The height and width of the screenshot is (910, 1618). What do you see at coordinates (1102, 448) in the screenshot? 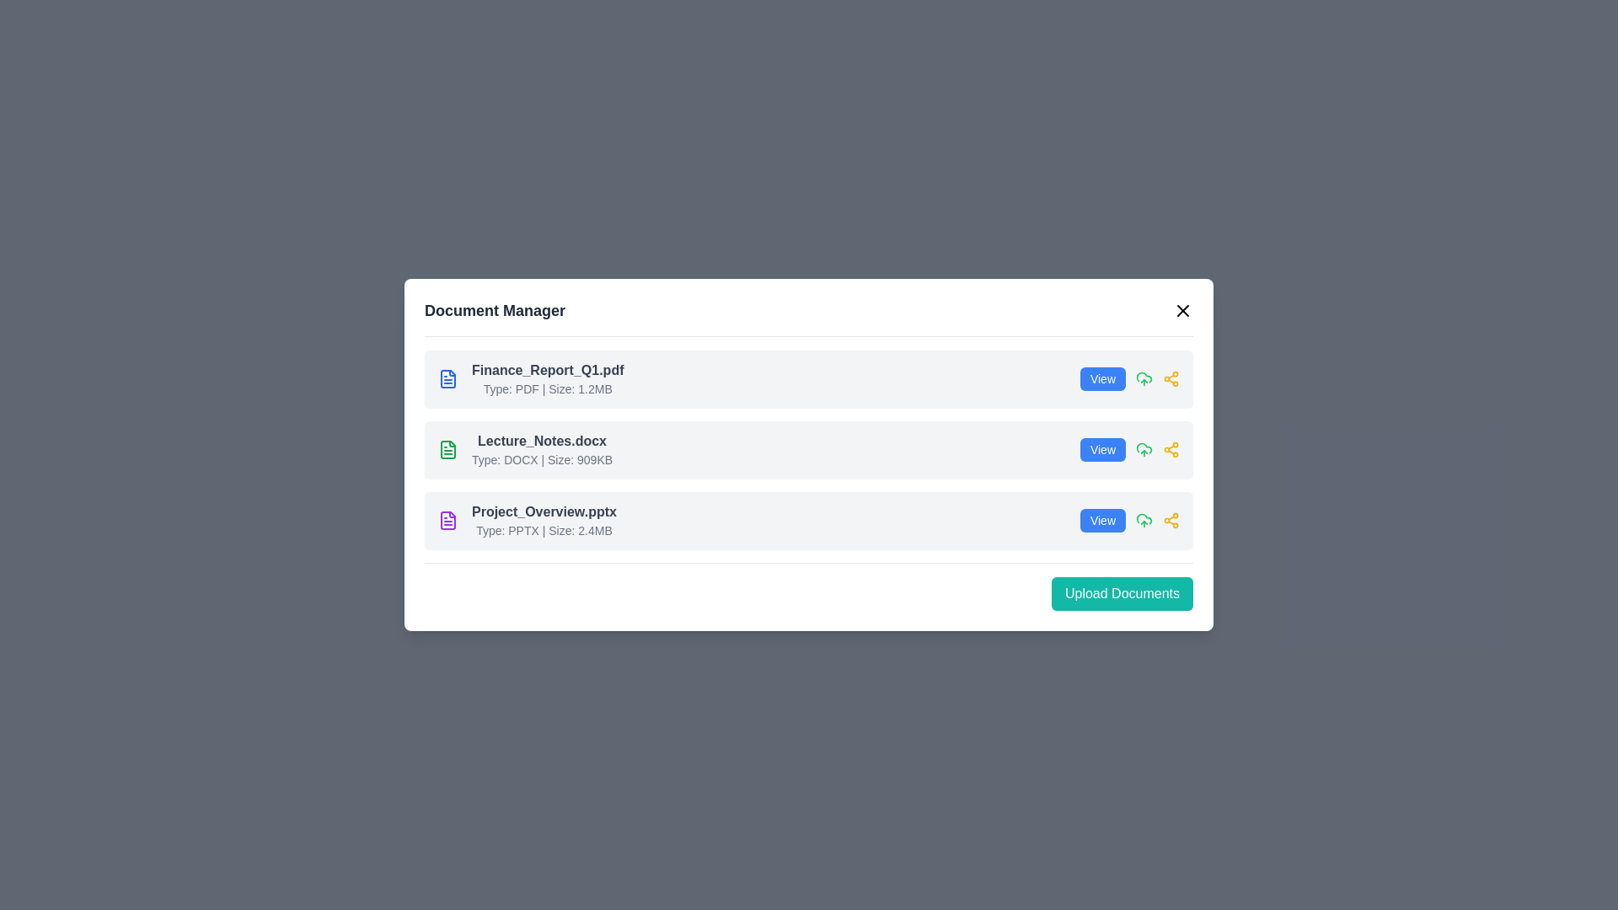
I see `the blue button with rounded edges labeled 'View'` at bounding box center [1102, 448].